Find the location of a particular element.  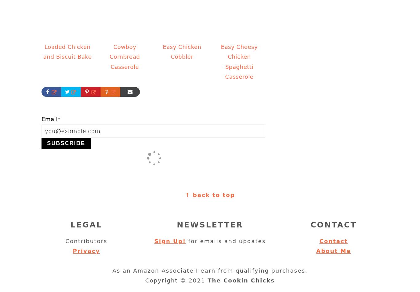

'The Cookin Chicks' is located at coordinates (241, 280).